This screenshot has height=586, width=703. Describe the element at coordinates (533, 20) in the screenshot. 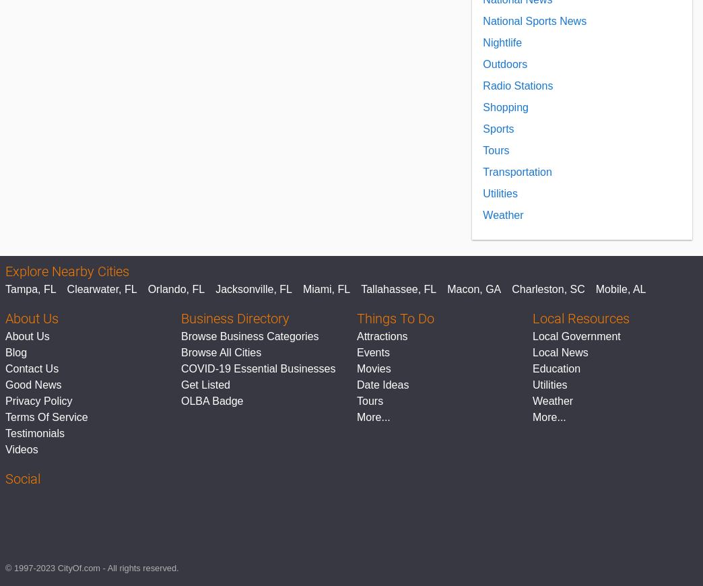

I see `'National Sports News'` at that location.